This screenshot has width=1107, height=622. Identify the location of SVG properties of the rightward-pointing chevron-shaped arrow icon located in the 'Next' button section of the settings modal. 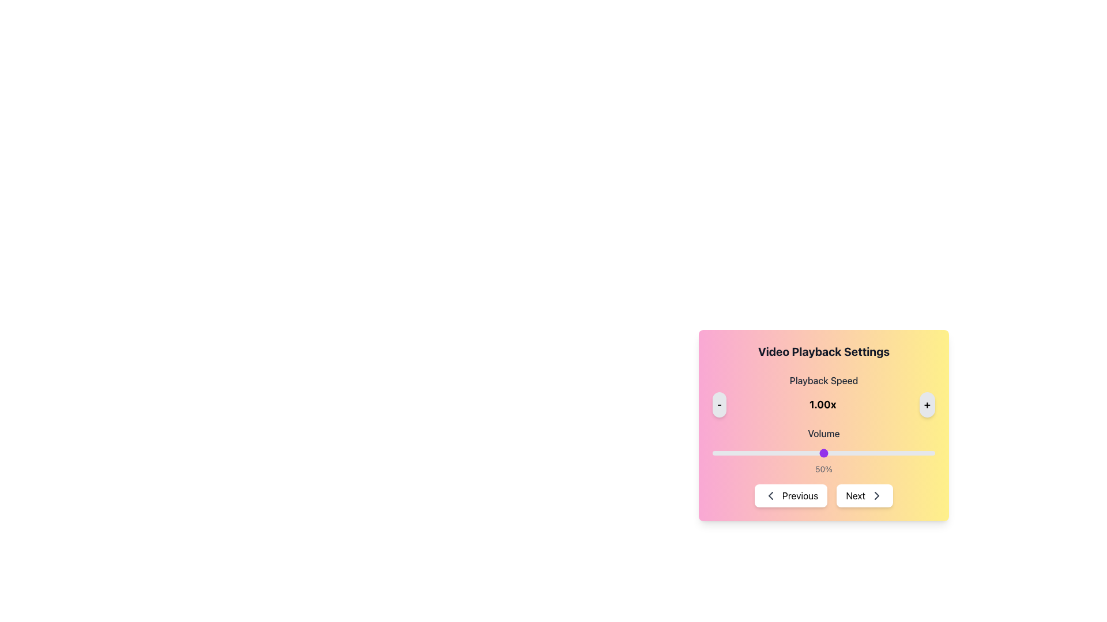
(876, 495).